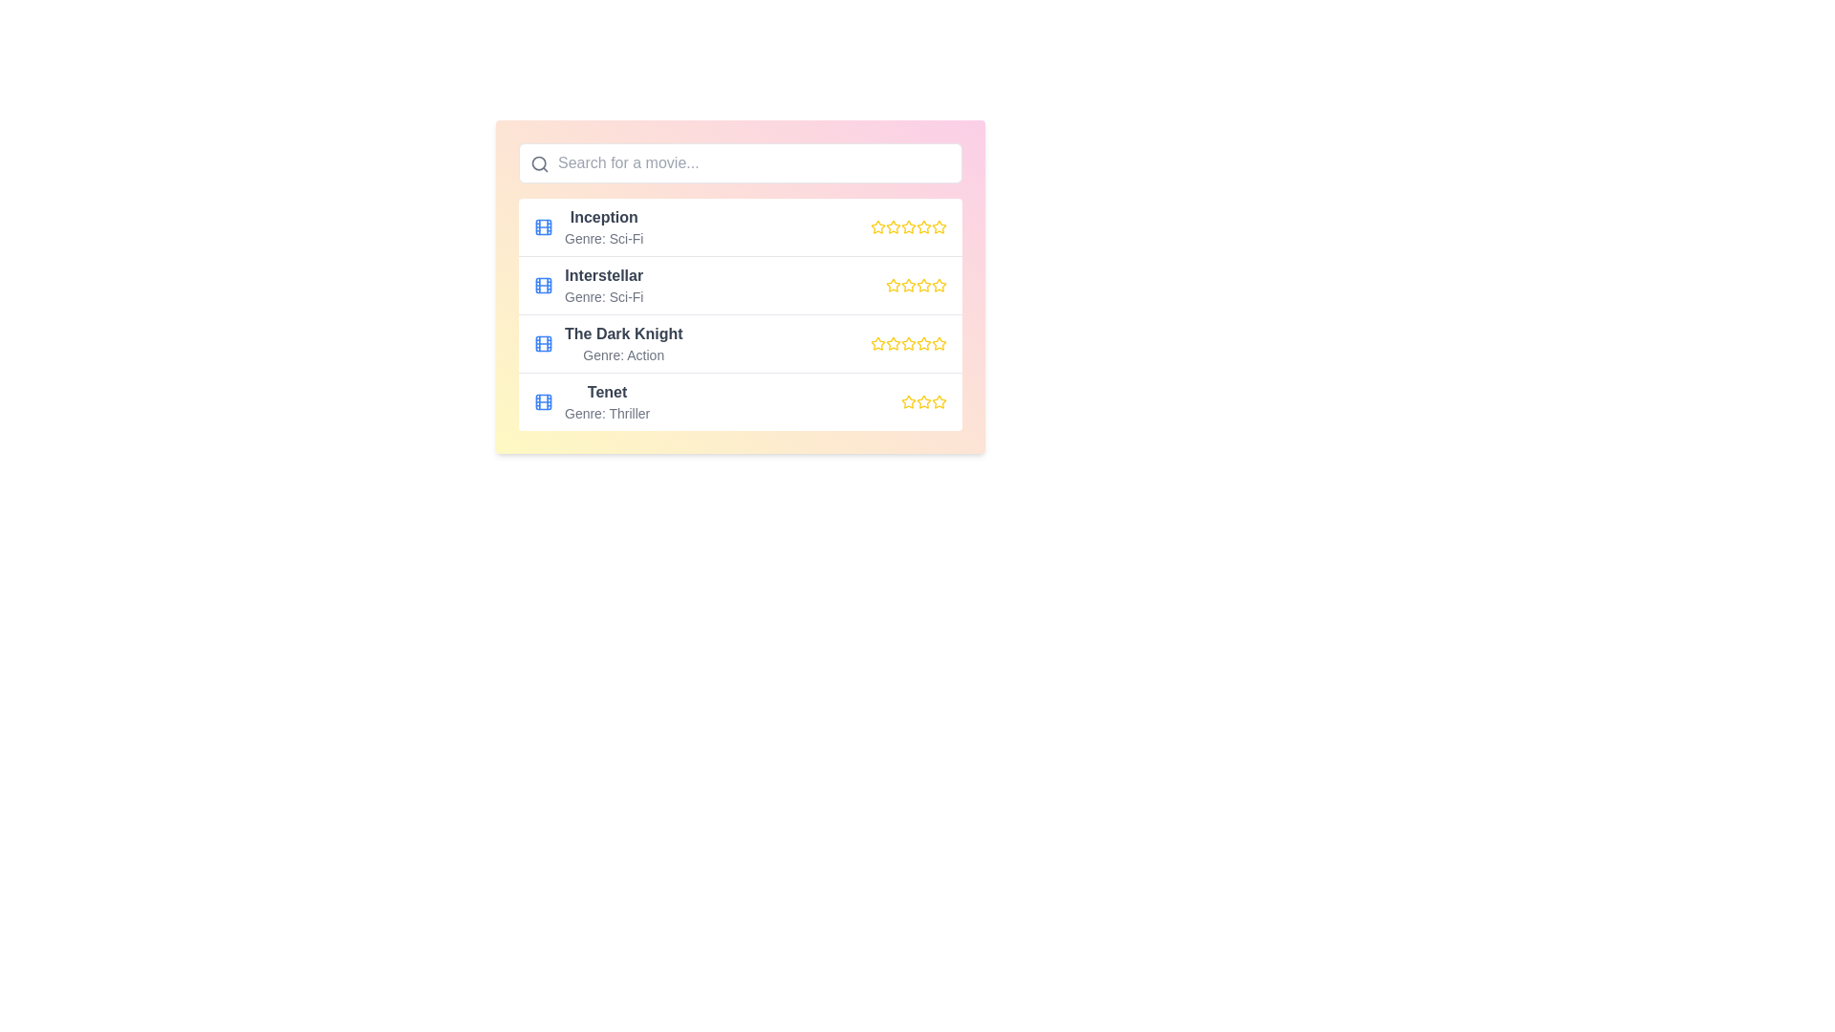 Image resolution: width=1835 pixels, height=1032 pixels. Describe the element at coordinates (907, 226) in the screenshot. I see `the third star in the row of five stars` at that location.